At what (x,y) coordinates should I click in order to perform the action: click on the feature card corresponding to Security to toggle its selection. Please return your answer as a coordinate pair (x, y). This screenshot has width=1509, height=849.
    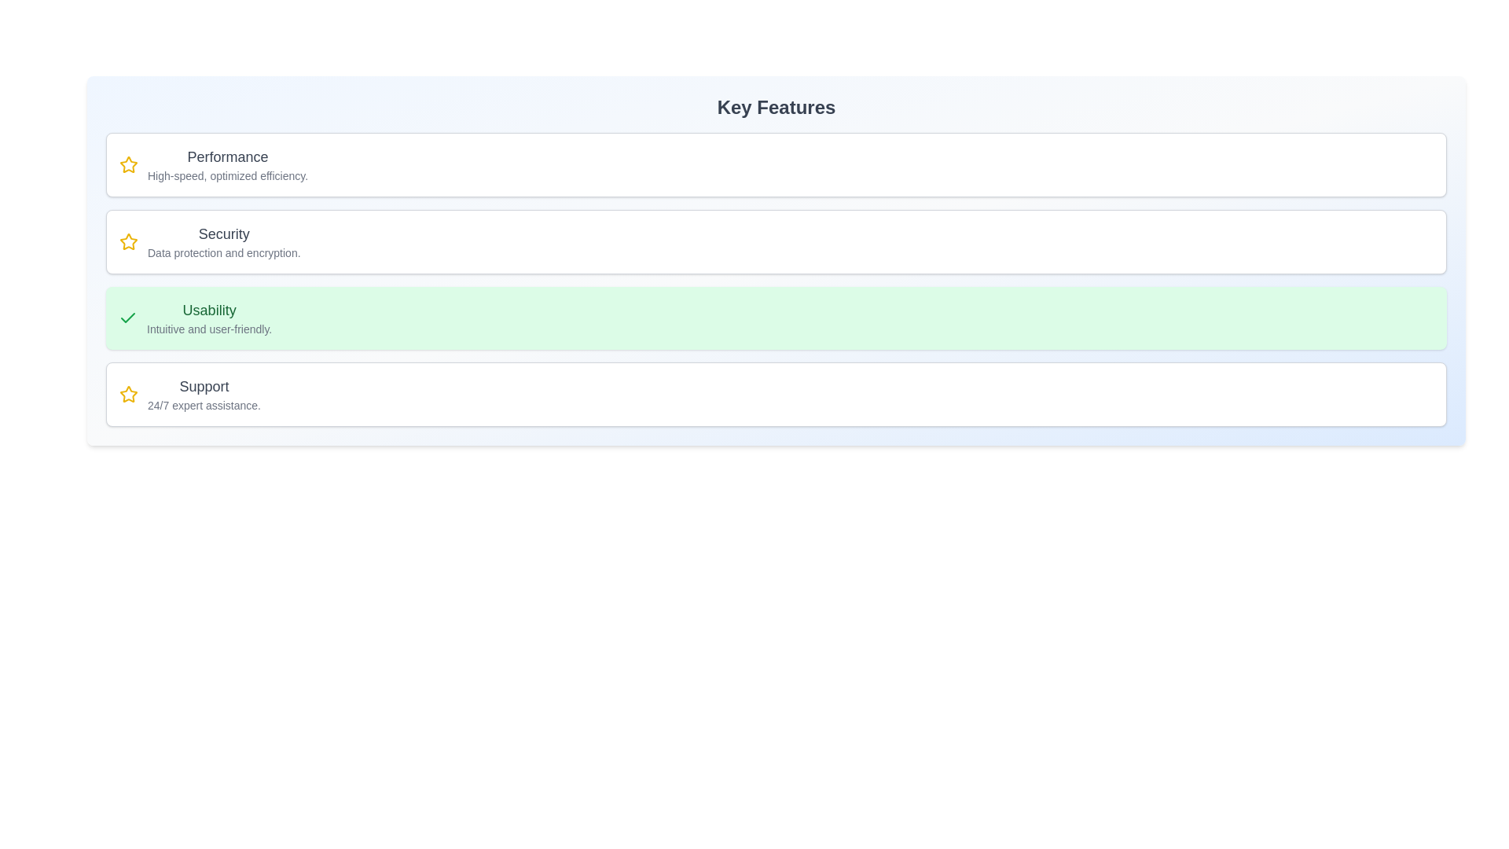
    Looking at the image, I should click on (777, 242).